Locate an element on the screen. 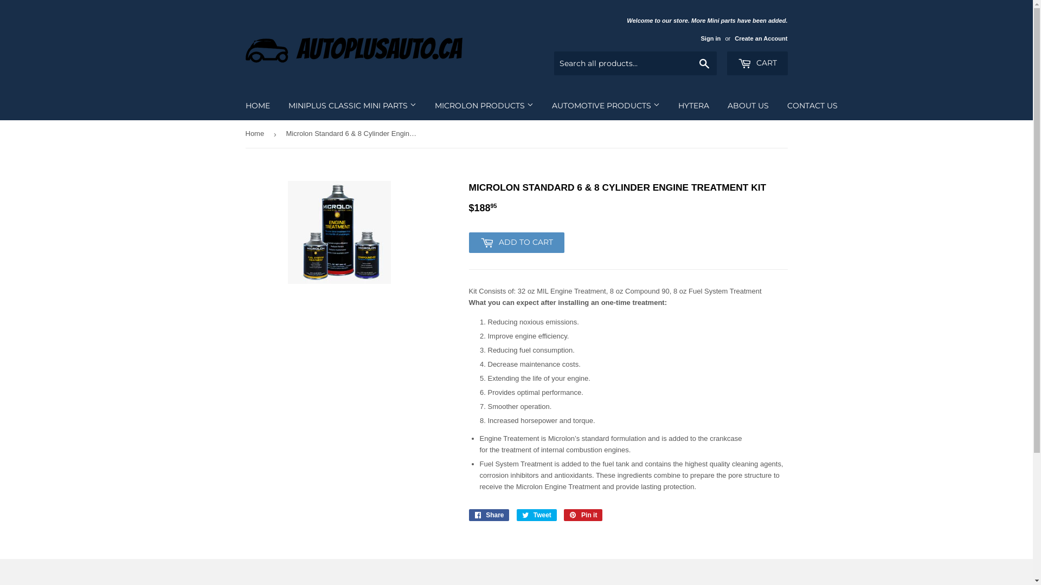 Image resolution: width=1041 pixels, height=585 pixels. 'ADD TO CART' is located at coordinates (468, 242).